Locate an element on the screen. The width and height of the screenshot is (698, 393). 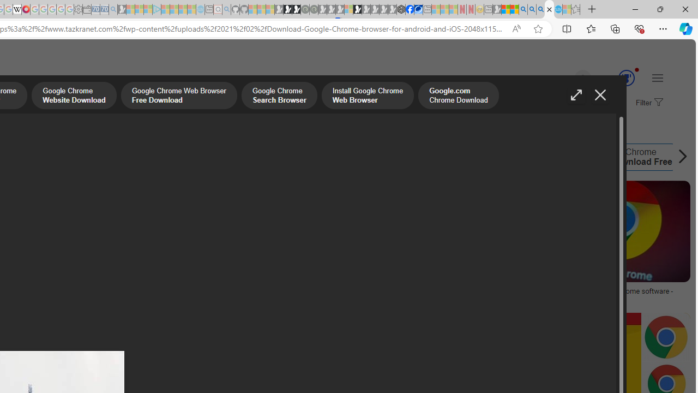
'Scroll right' is located at coordinates (679, 157).